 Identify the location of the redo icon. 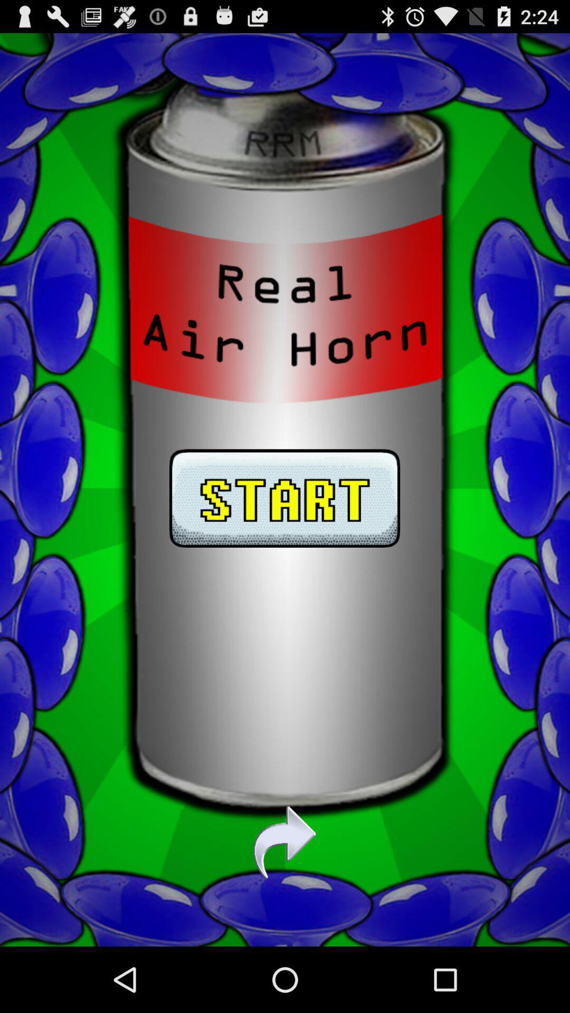
(284, 901).